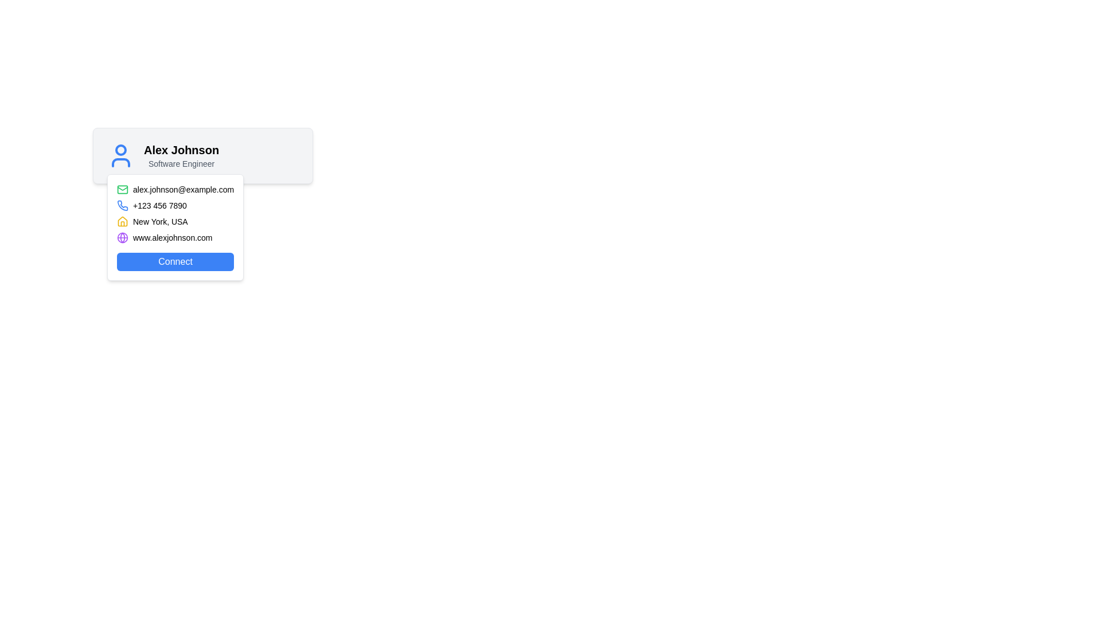 The width and height of the screenshot is (1101, 619). Describe the element at coordinates (181, 150) in the screenshot. I see `text element displaying the name 'Alex Johnson' in bold within the user profile card` at that location.